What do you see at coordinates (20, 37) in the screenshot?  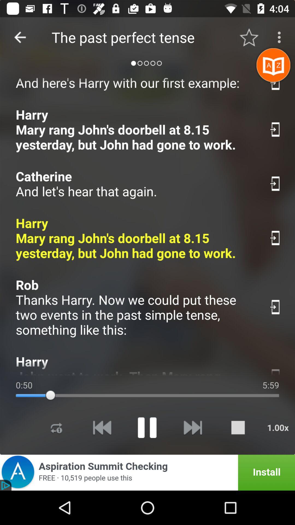 I see `the icon next to the the past perfect` at bounding box center [20, 37].